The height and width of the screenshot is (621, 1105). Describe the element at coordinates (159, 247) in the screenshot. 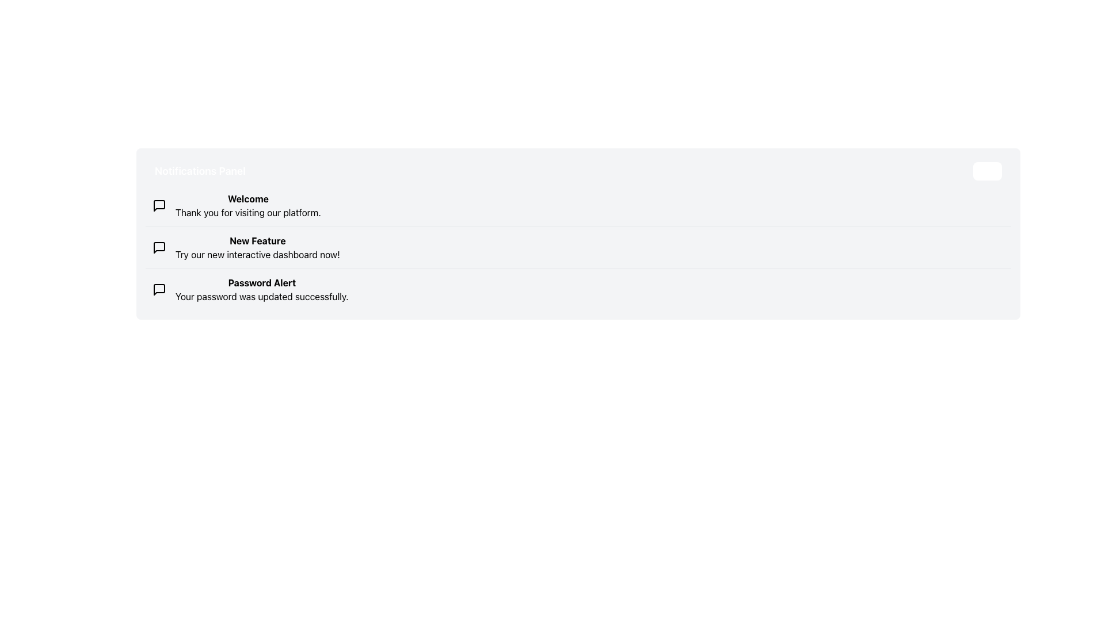

I see `the speech bubble icon indicating a notification located near the top-left of the notification panel, next to the 'New Feature' notification item` at that location.